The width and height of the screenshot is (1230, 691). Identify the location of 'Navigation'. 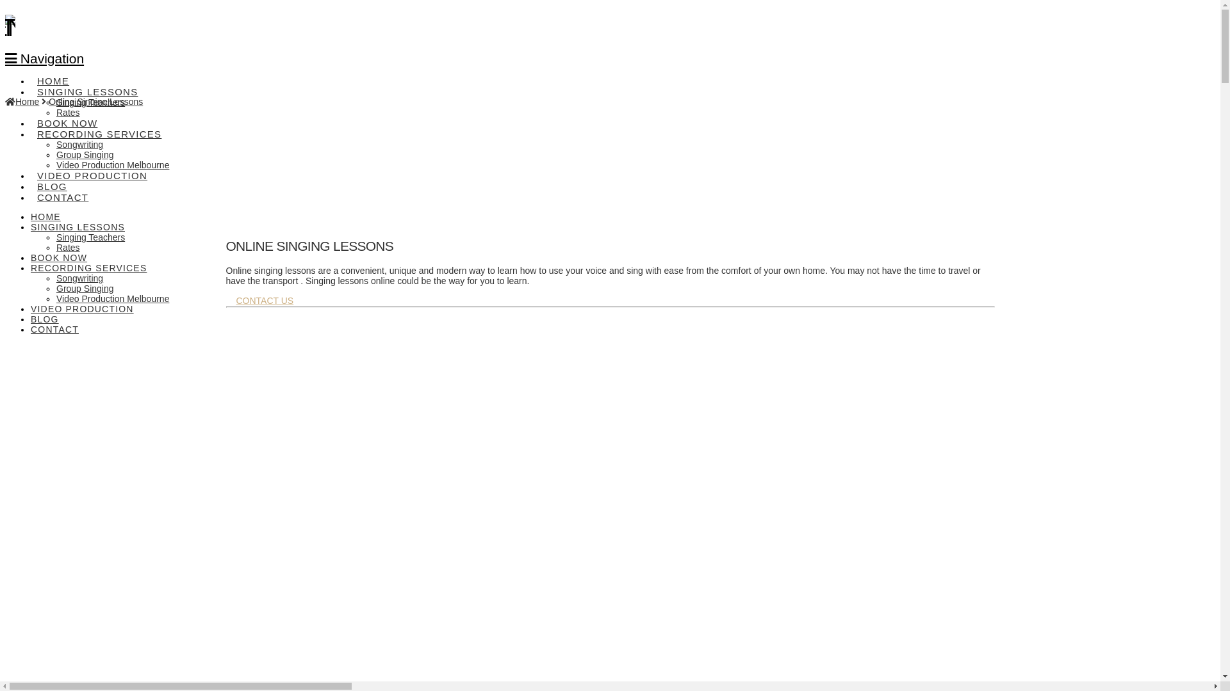
(44, 58).